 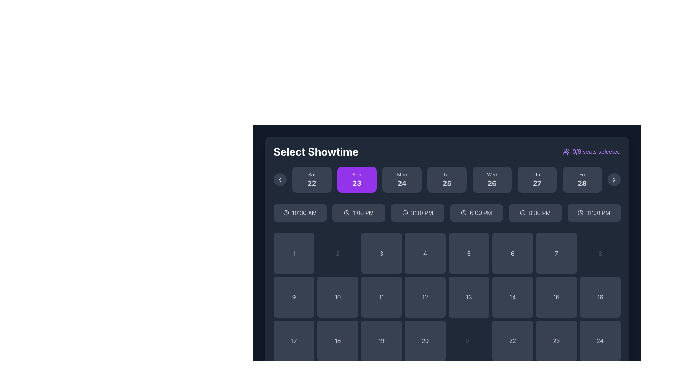 What do you see at coordinates (359, 212) in the screenshot?
I see `the '1:00 PM' button, which is the second button in the time selection group under 'Select Showtime'` at bounding box center [359, 212].